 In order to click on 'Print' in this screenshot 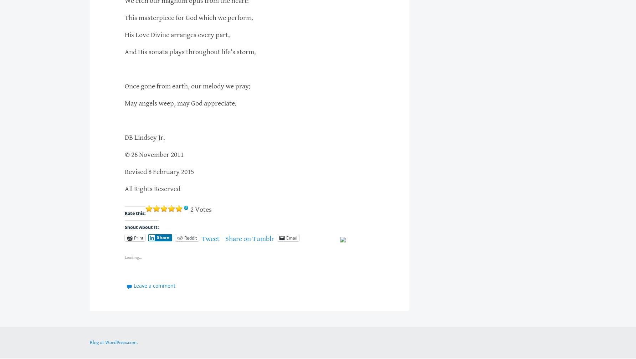, I will do `click(138, 237)`.